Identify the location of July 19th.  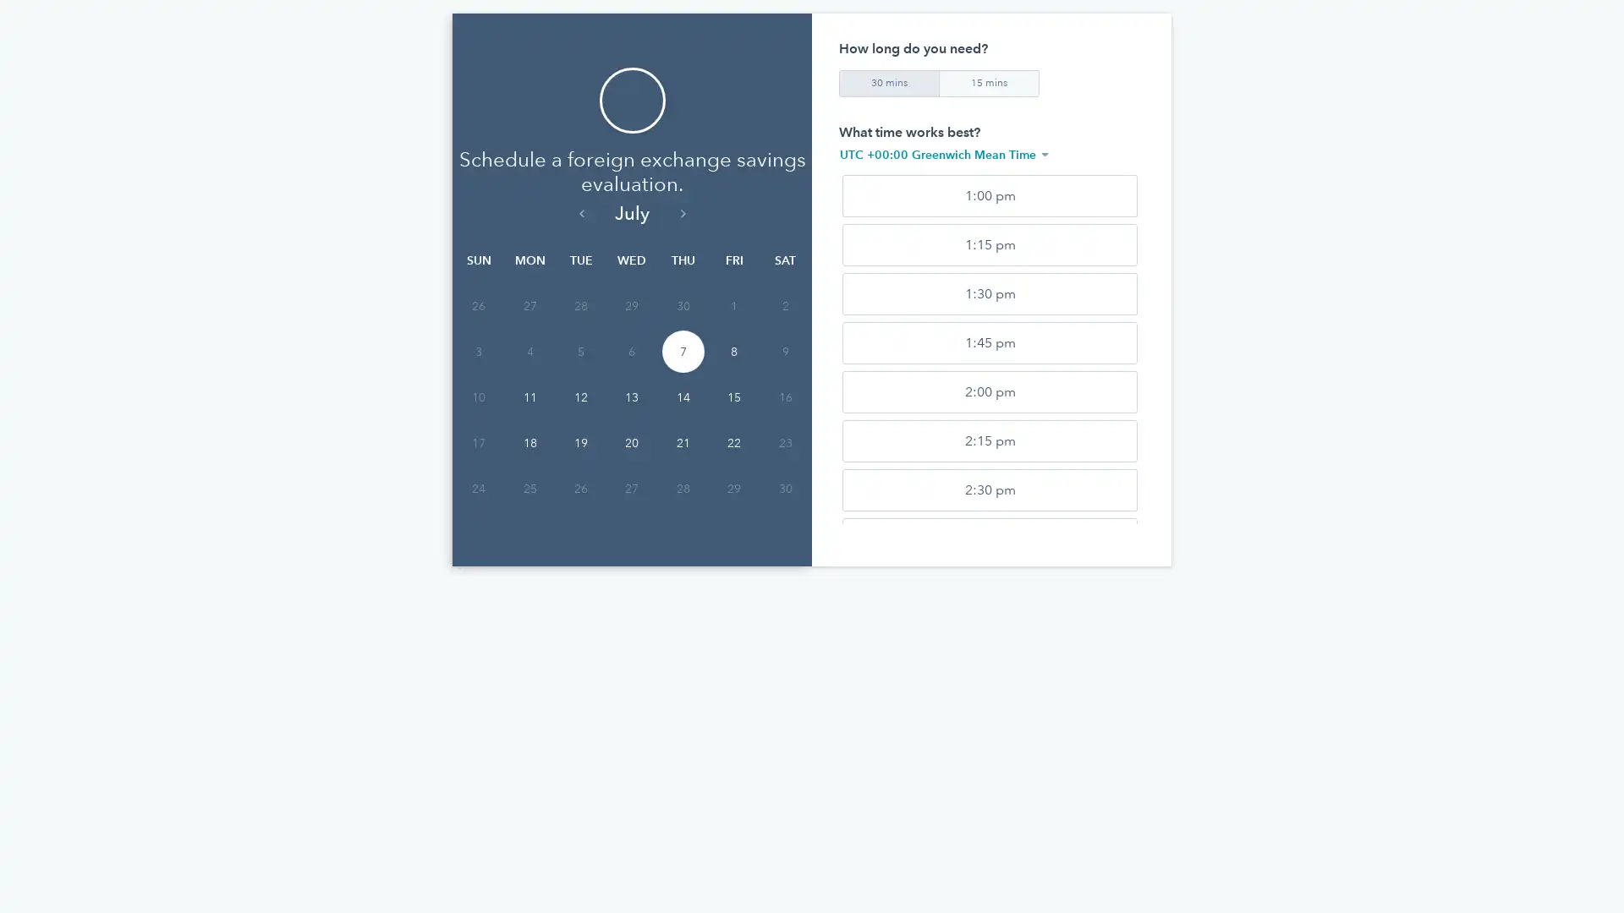
(580, 442).